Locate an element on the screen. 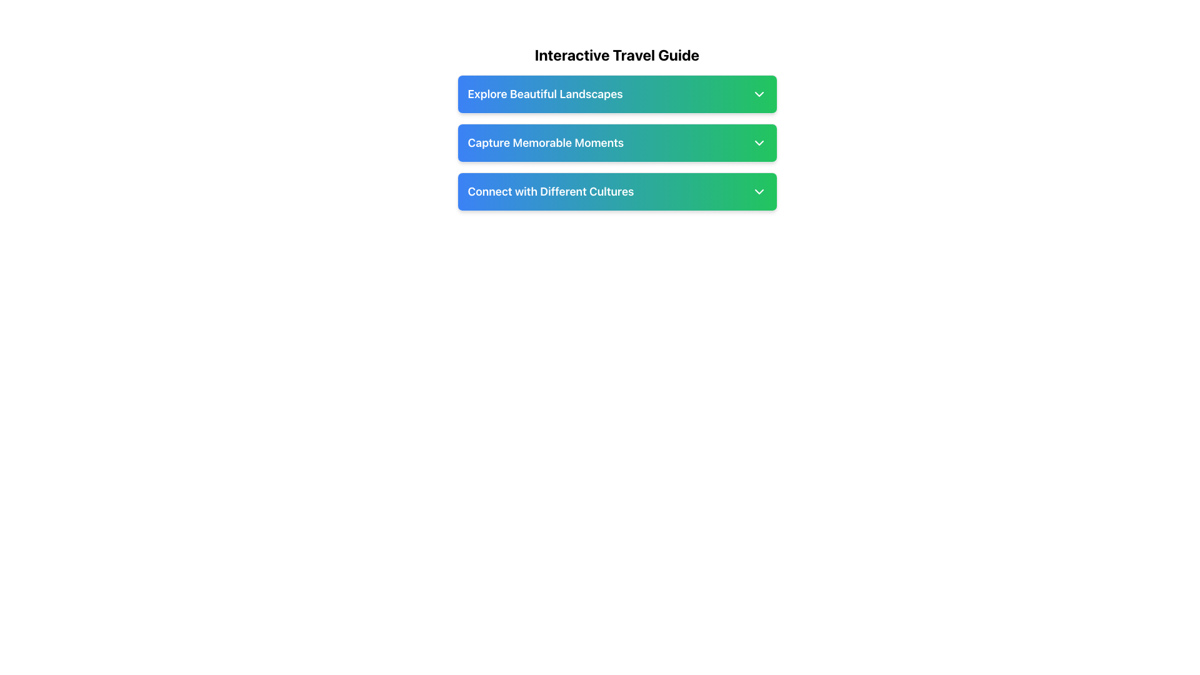 The height and width of the screenshot is (675, 1200). the expandable panel titled 'Connect with Different Cultures' is located at coordinates (617, 192).